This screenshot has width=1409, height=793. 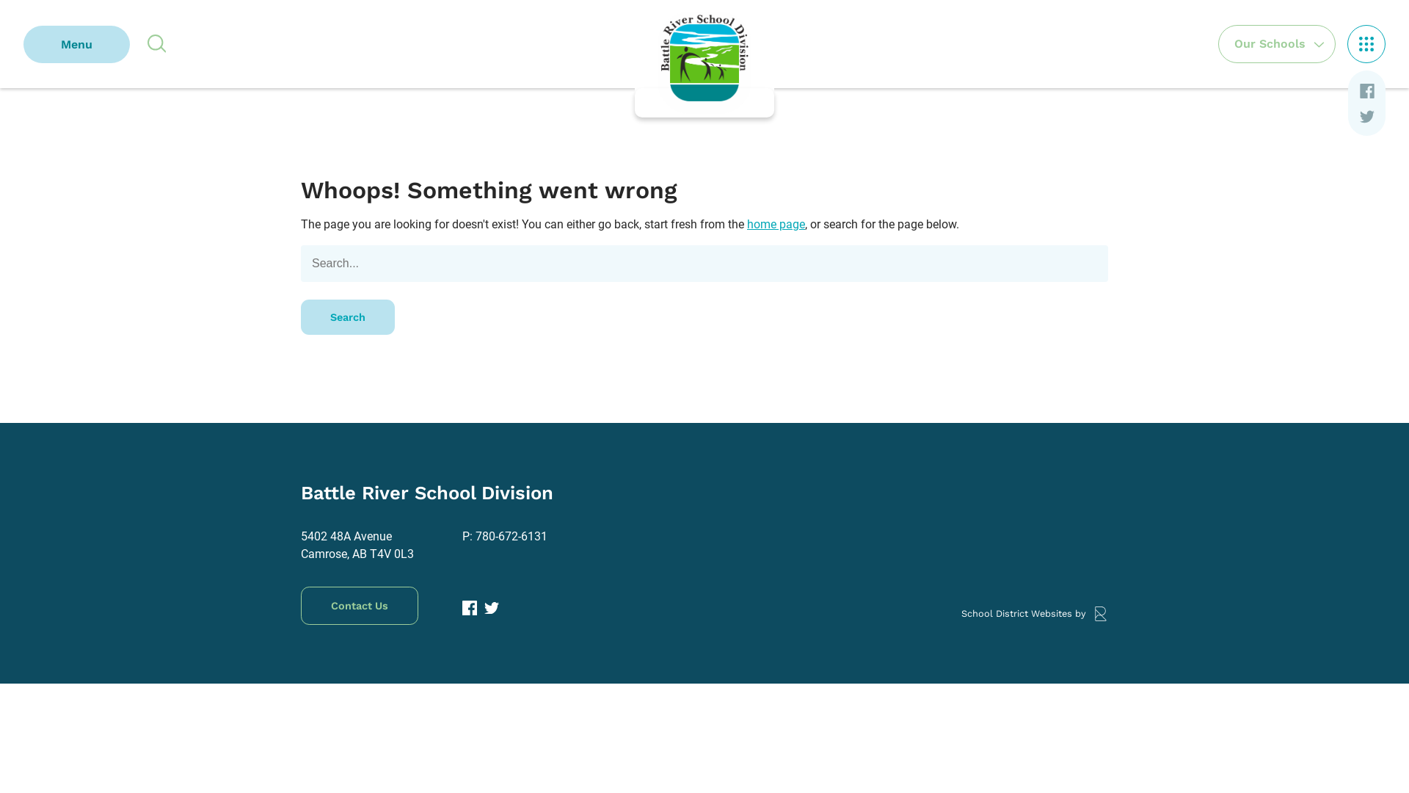 I want to click on 'Battle River School Division', so click(x=704, y=58).